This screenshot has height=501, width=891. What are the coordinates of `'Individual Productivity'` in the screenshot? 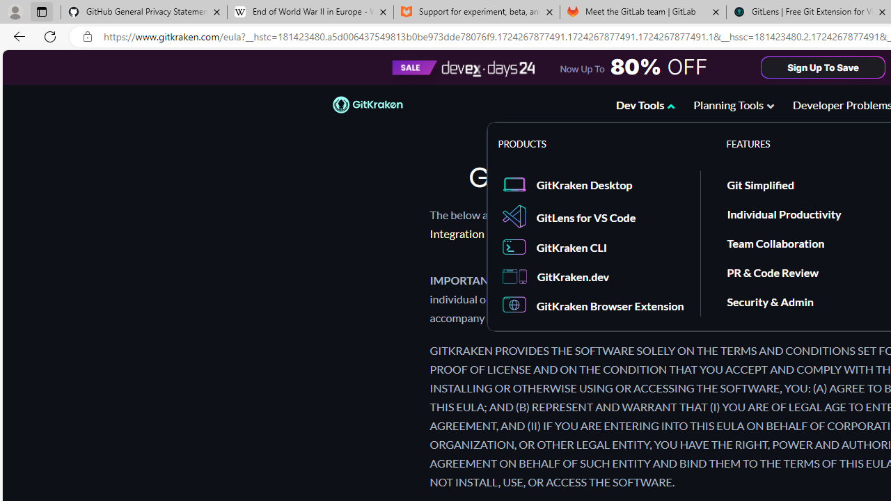 It's located at (784, 213).